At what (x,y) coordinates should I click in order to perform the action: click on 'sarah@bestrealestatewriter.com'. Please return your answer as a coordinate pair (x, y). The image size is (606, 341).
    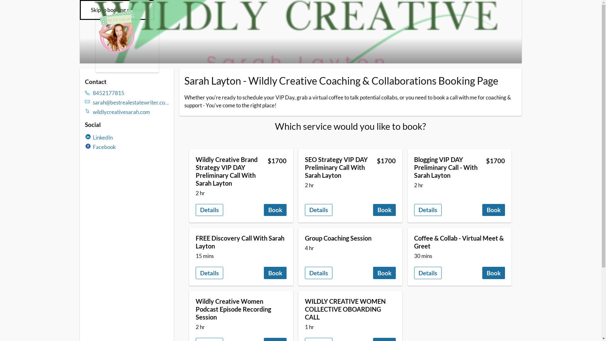
    Looking at the image, I should click on (130, 102).